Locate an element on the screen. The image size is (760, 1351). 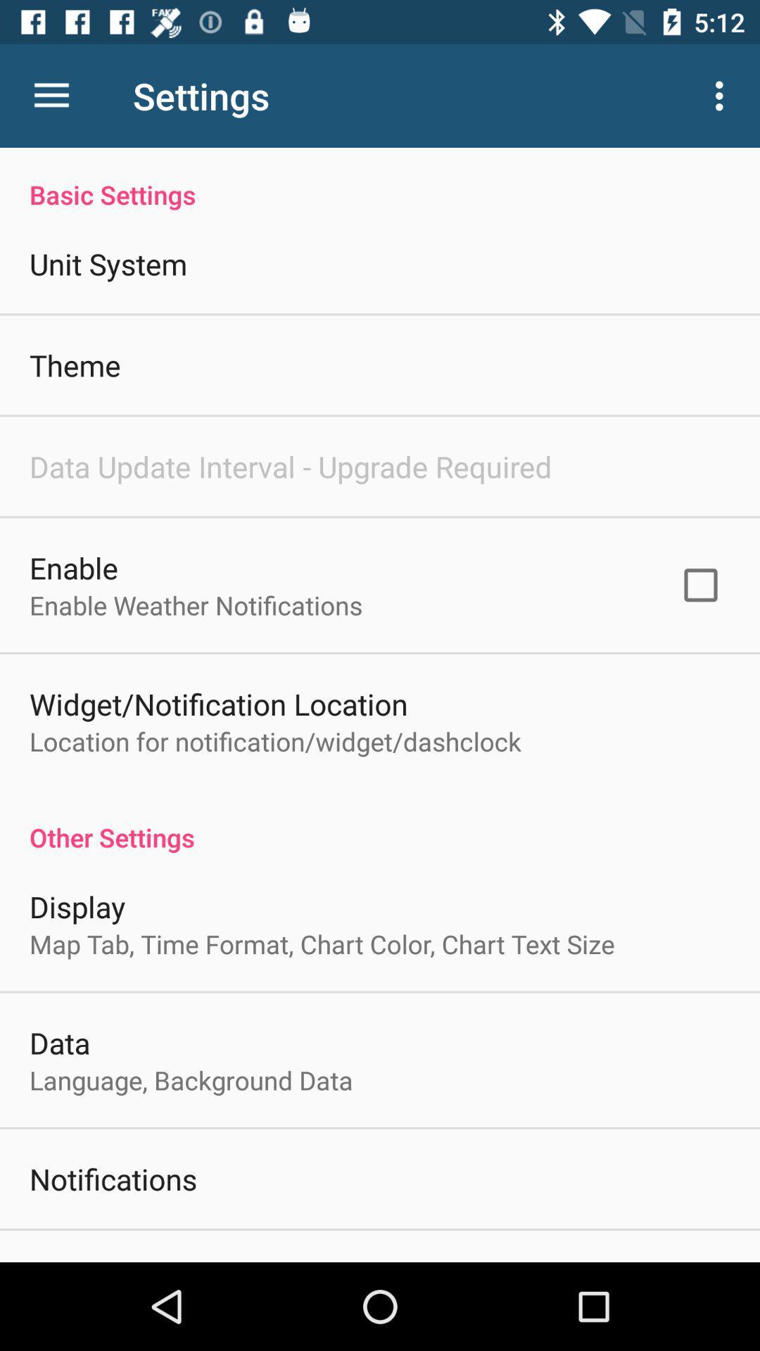
item above data update interval icon is located at coordinates (75, 364).